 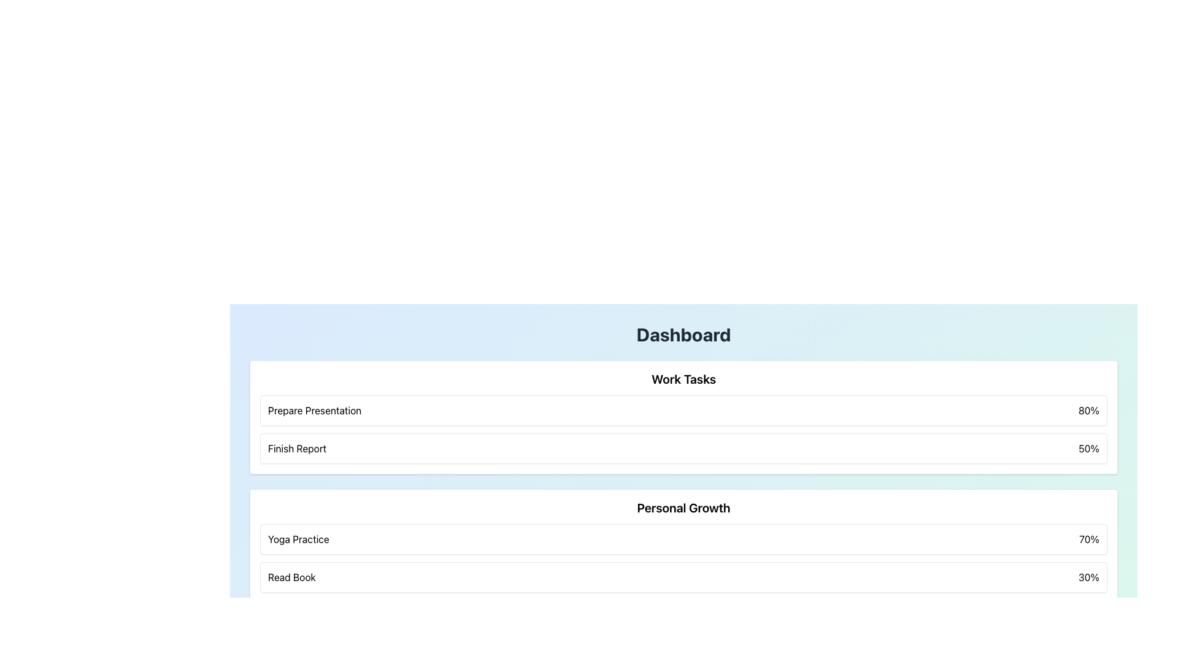 What do you see at coordinates (683, 508) in the screenshot?
I see `the Text Label that serves as the header for personal growth activities, located at the top of the section before 'Yoga Practice' and 'Read Book'` at bounding box center [683, 508].